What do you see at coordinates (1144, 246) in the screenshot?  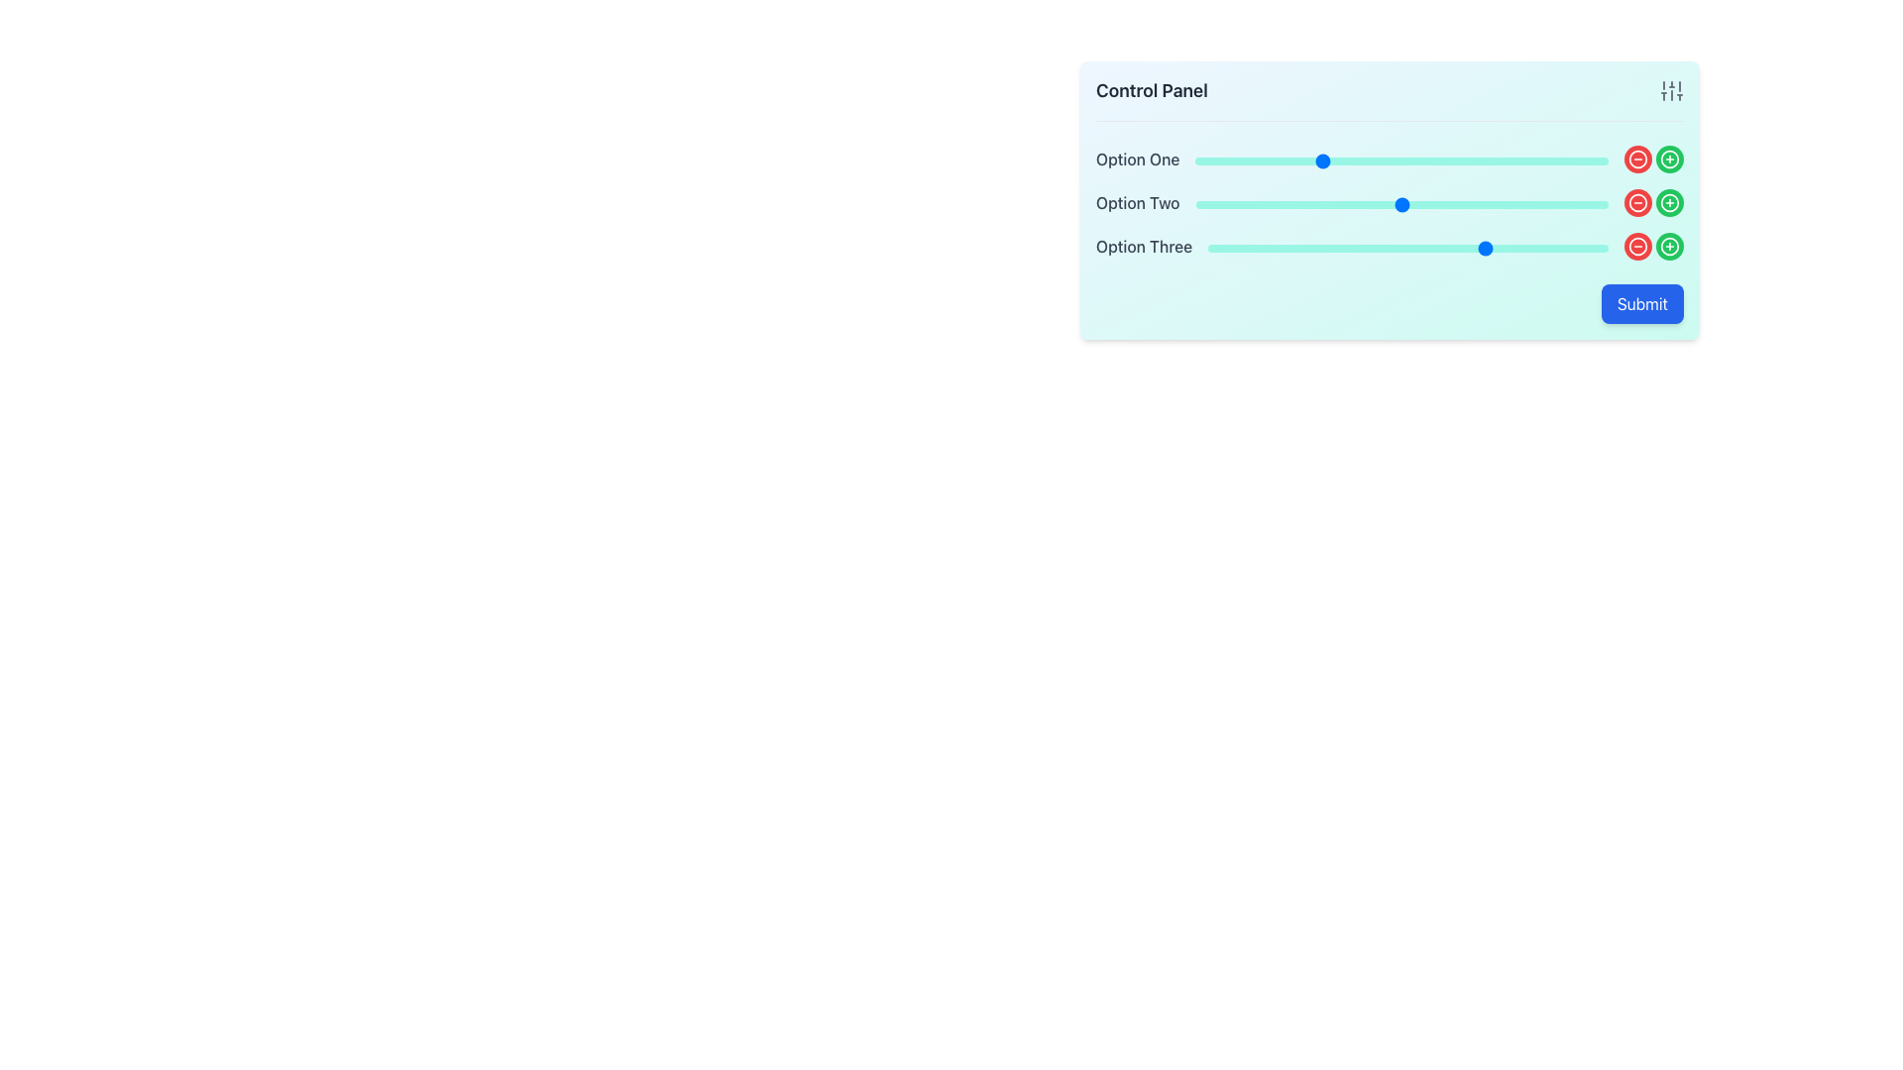 I see `the text label element reading 'Option Three', which is styled with a medium gray font and is located under 'Option Two' in a column layout` at bounding box center [1144, 246].